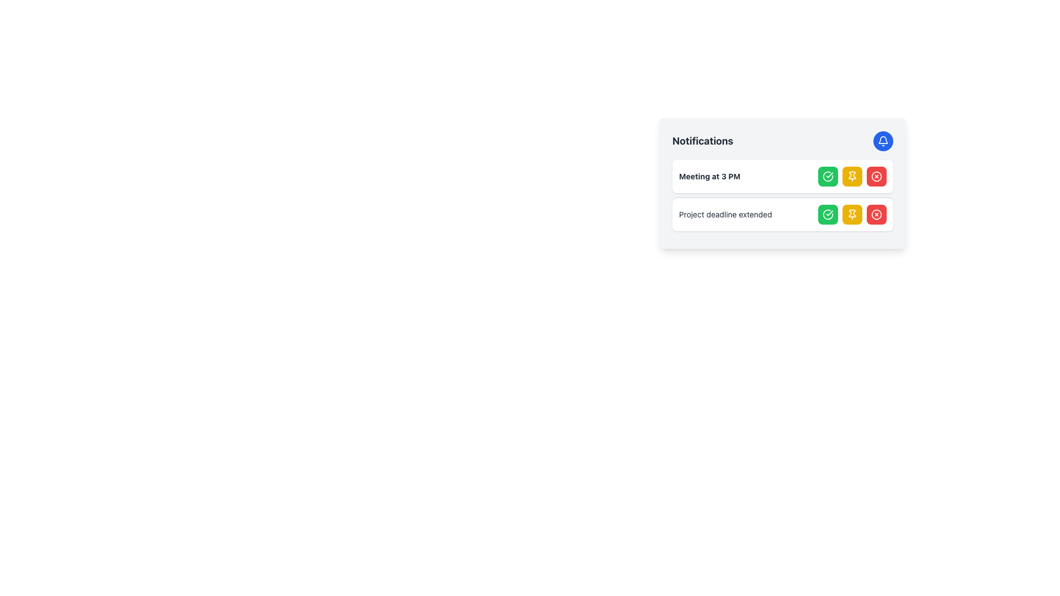 The width and height of the screenshot is (1060, 596). Describe the element at coordinates (852, 176) in the screenshot. I see `the yellow button with a white pin icon, which is the second button from the left in the group aligned to the right of the 'Meeting at 3 PM' notification` at that location.